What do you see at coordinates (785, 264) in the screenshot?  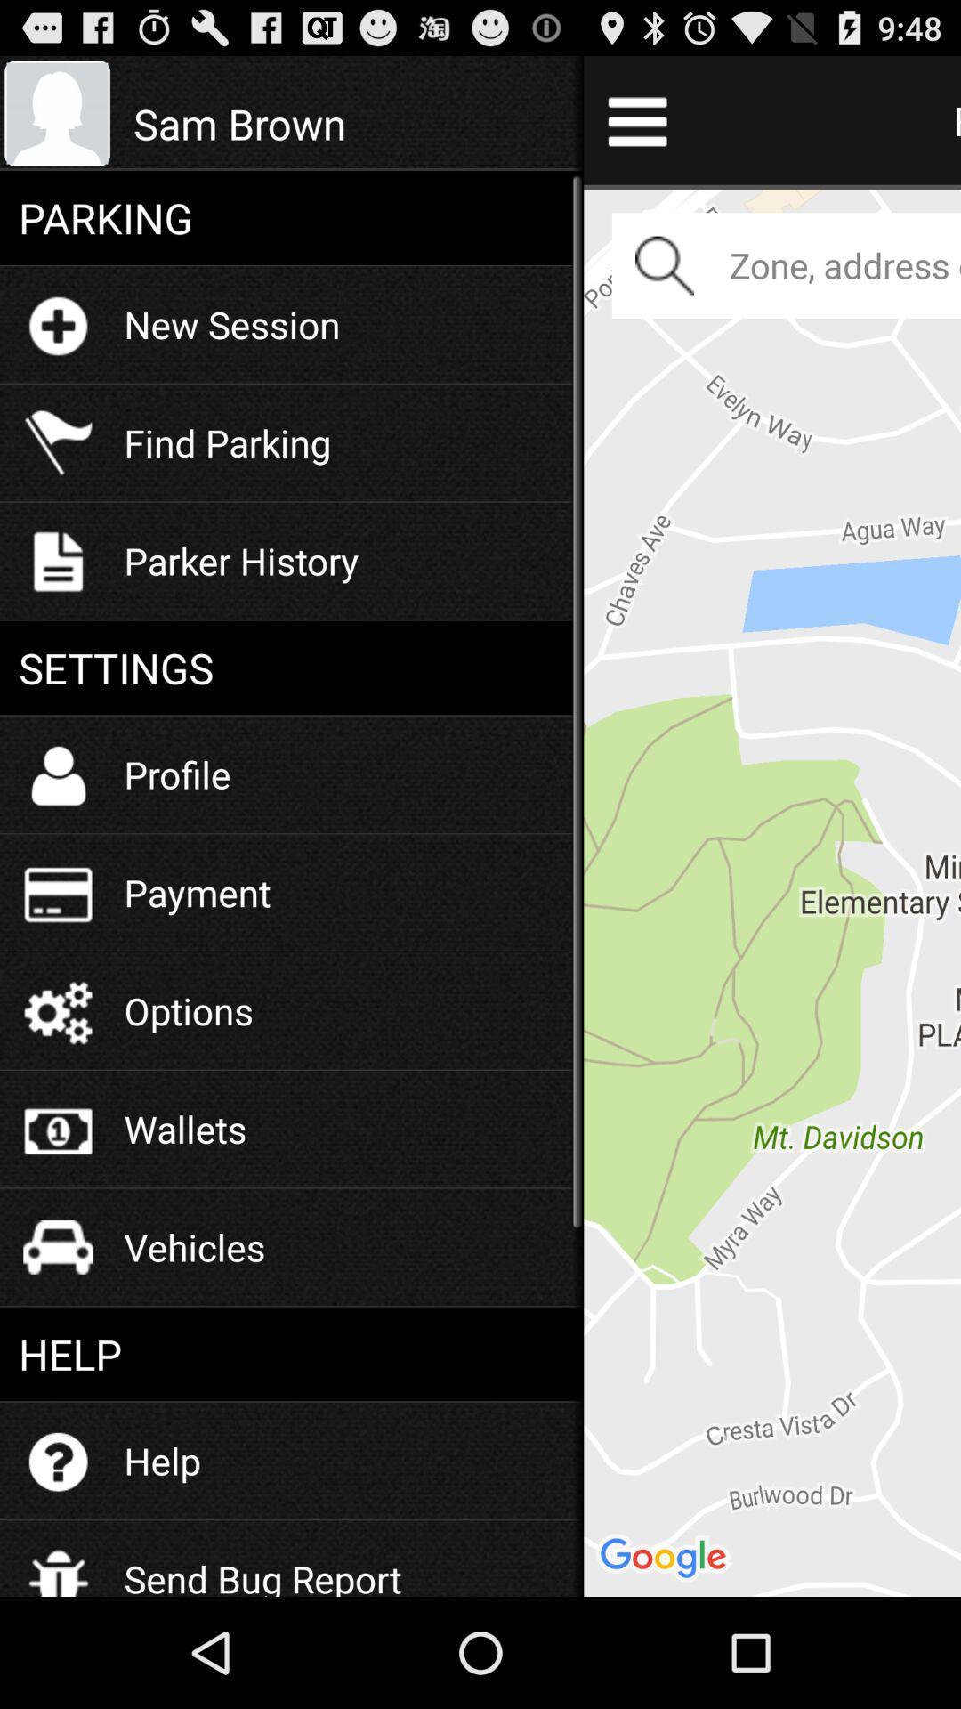 I see `the zoneaddress` at bounding box center [785, 264].